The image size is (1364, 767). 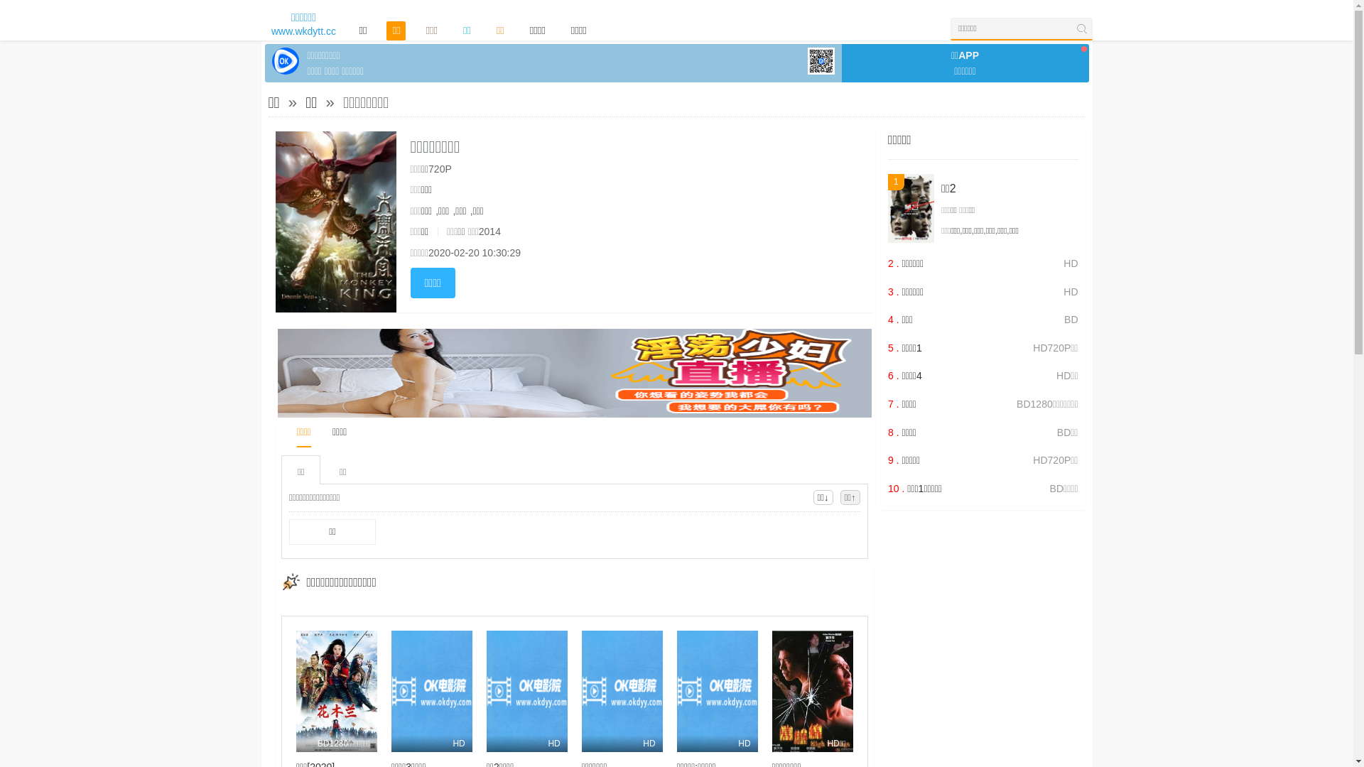 I want to click on '1', so click(x=911, y=208).